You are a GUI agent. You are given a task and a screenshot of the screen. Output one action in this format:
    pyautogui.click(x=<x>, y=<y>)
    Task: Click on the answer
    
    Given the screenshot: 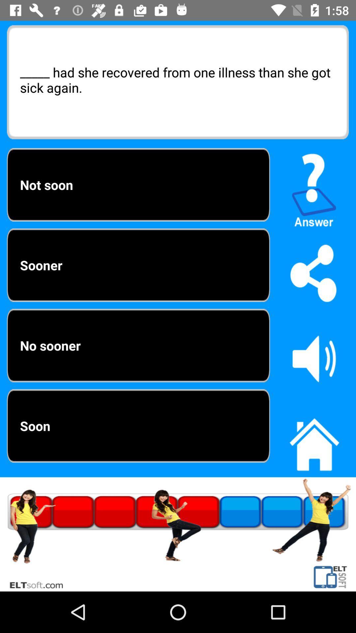 What is the action you would take?
    pyautogui.click(x=314, y=187)
    